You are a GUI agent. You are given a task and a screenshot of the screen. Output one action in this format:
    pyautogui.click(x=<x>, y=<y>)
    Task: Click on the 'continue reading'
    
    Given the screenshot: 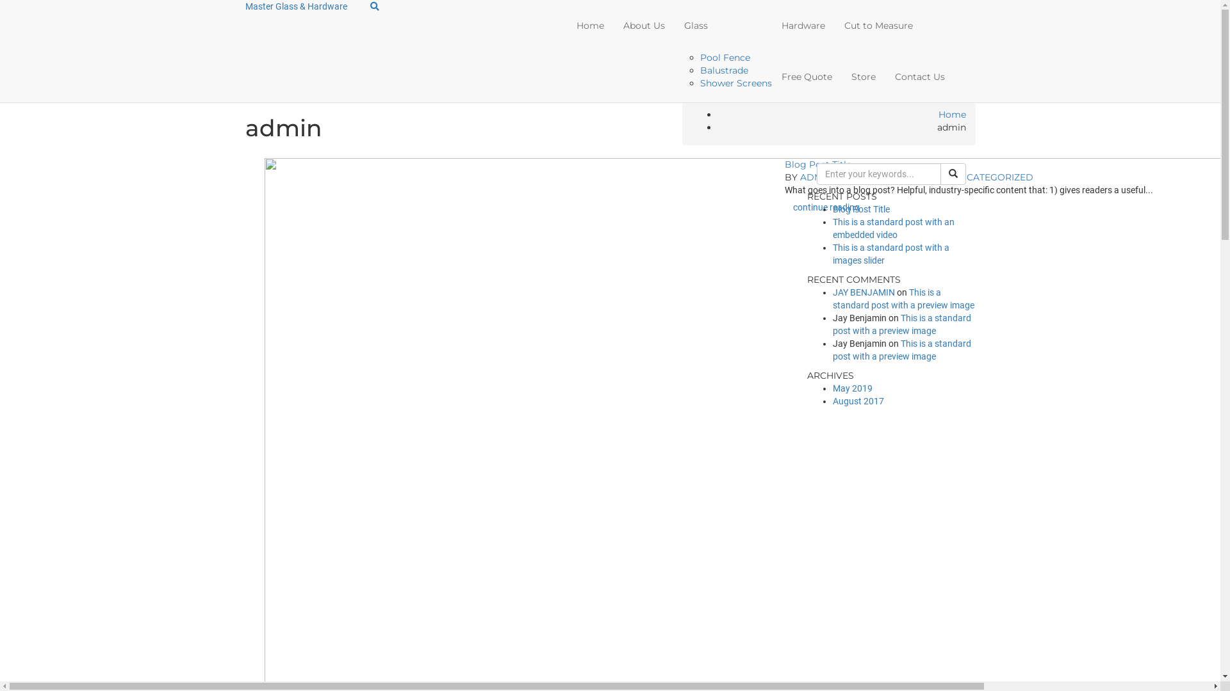 What is the action you would take?
    pyautogui.click(x=826, y=207)
    